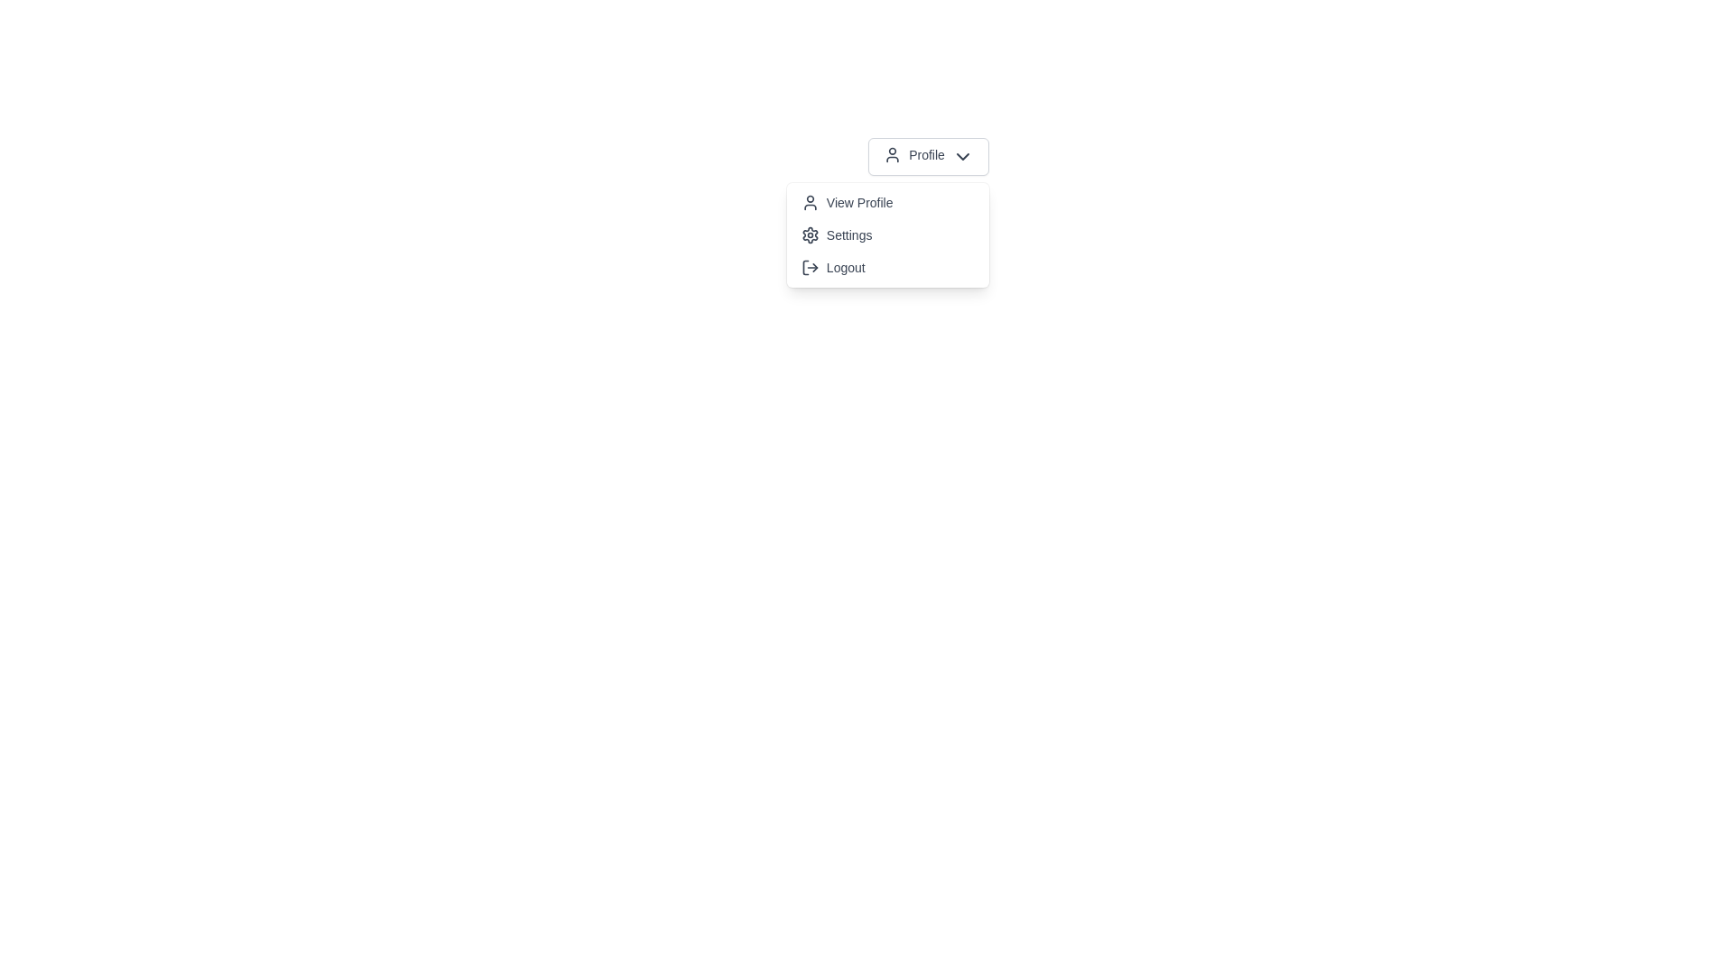  I want to click on the downward-pointing chevron icon styled in dark gray, located to the right of the 'Profile' text label within a rounded rectangular button, so click(961, 155).